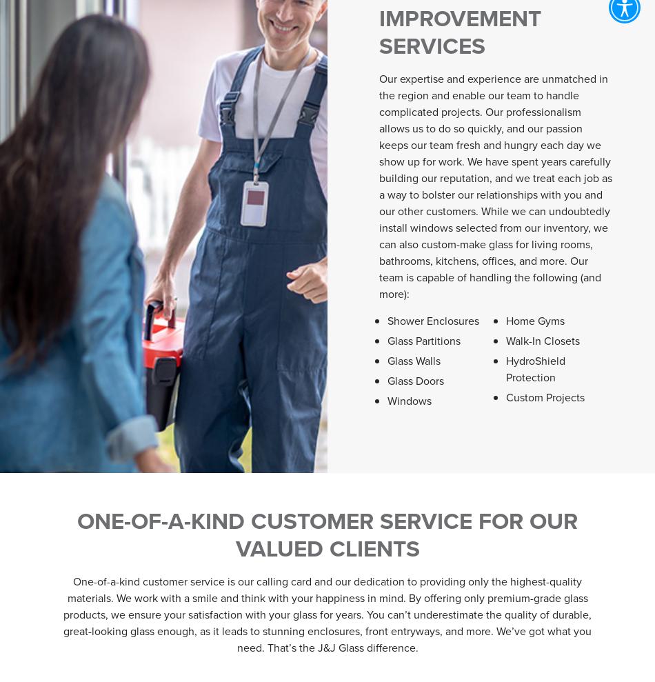 The height and width of the screenshot is (682, 655). What do you see at coordinates (424, 339) in the screenshot?
I see `'Glass Partitions'` at bounding box center [424, 339].